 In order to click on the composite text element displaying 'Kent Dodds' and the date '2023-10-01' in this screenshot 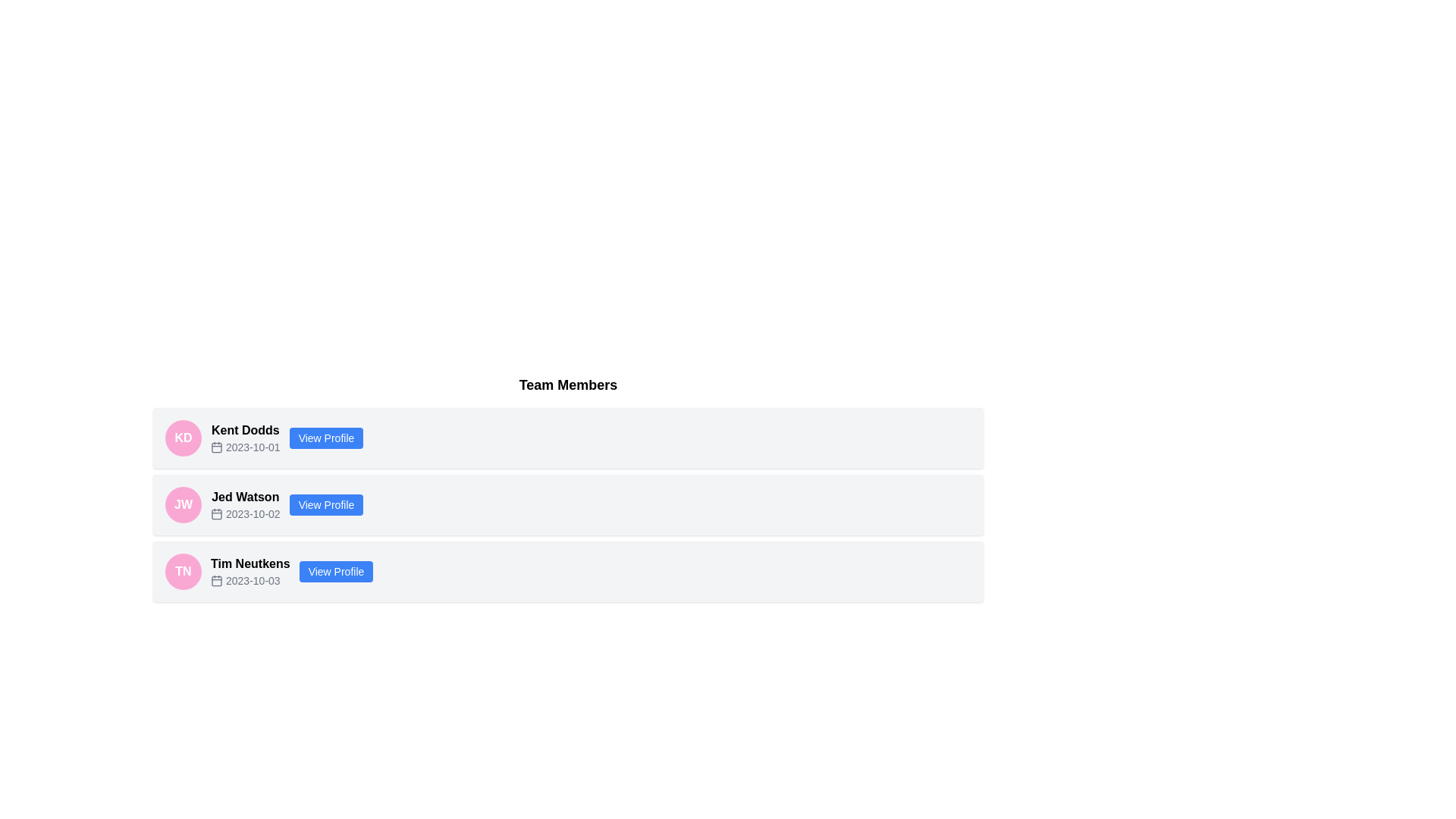, I will do `click(245, 438)`.